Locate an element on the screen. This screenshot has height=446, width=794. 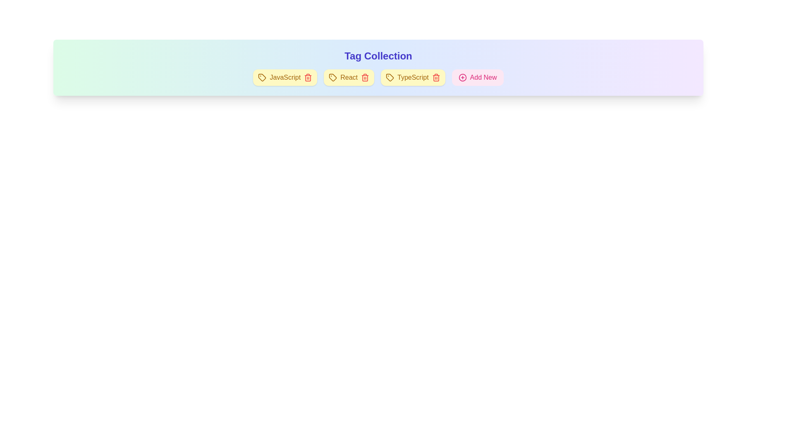
the second tag labeled 'React' in the 'Tag Collection' bar, which has a rounded yellow background and yellow text is located at coordinates (349, 78).